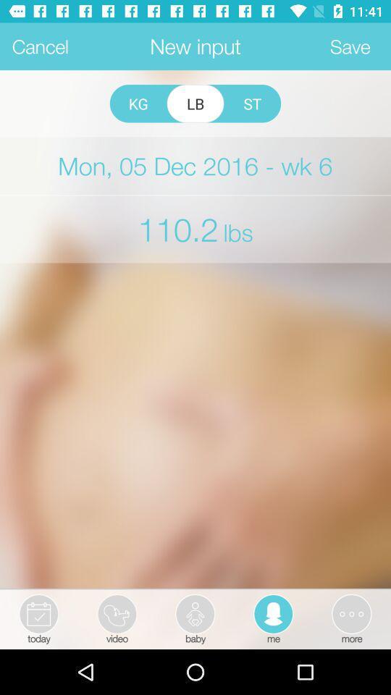 The width and height of the screenshot is (391, 695). What do you see at coordinates (195, 103) in the screenshot?
I see `icon to the left of the st radio button` at bounding box center [195, 103].